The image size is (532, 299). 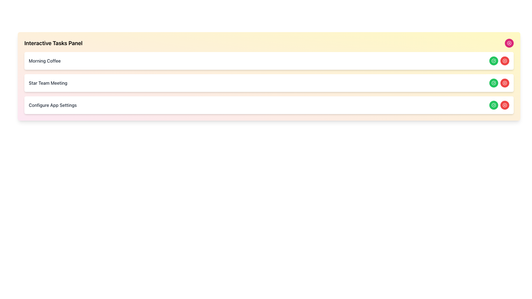 What do you see at coordinates (505, 105) in the screenshot?
I see `the circular SVG element located at the top-right corner of the panel, which has a thin border and is part of a decorative icon` at bounding box center [505, 105].